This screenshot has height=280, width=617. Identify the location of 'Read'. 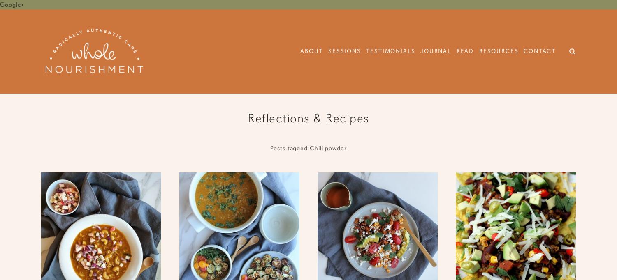
(465, 51).